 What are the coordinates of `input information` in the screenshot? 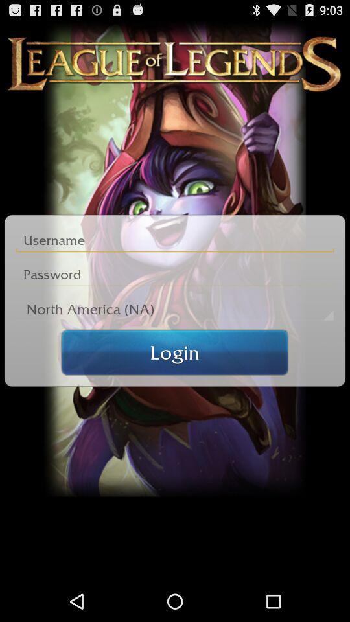 It's located at (175, 240).